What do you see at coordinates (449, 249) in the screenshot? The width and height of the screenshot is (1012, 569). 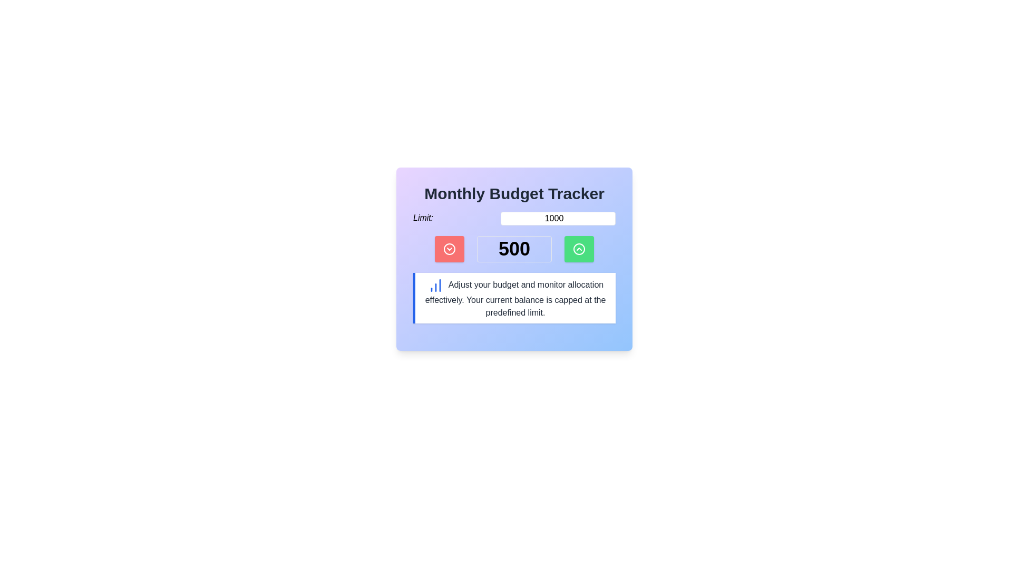 I see `the circular red icon with a downward-facing chevron, located to the left of the bold number '500'` at bounding box center [449, 249].